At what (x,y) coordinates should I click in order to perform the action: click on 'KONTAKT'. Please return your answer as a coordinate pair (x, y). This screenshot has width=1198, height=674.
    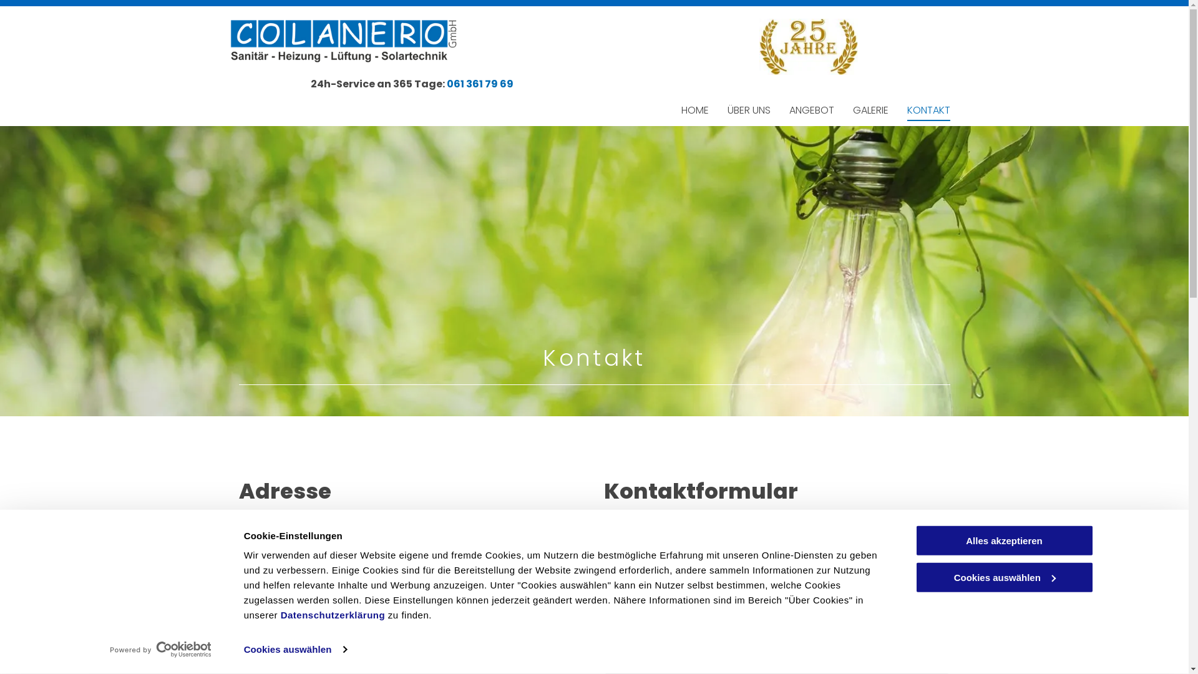
    Looking at the image, I should click on (928, 110).